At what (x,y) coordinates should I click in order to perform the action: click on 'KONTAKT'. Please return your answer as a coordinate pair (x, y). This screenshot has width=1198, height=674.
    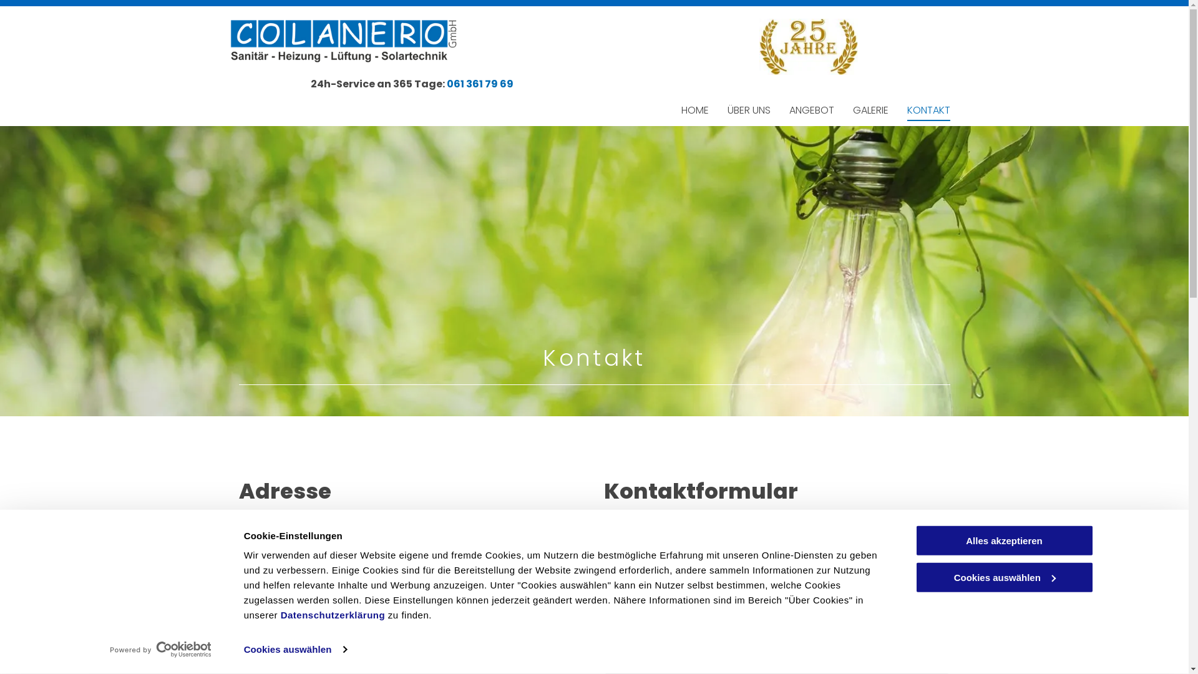
    Looking at the image, I should click on (928, 110).